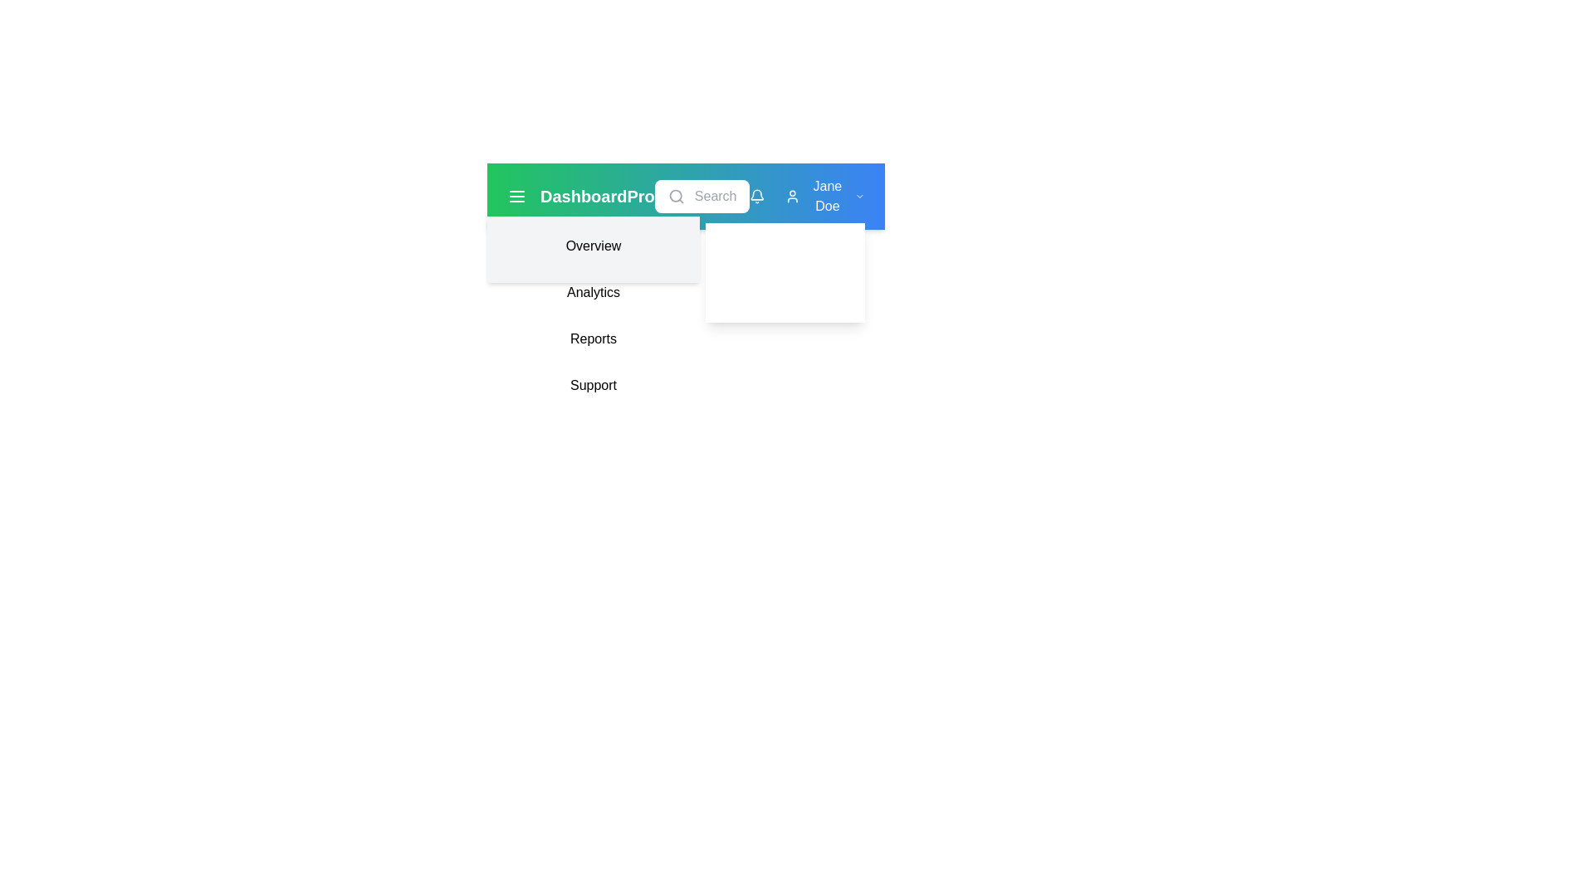 The height and width of the screenshot is (896, 1594). I want to click on the search bar located centrally in the application dashboard to focus and input search queries, so click(702, 195).